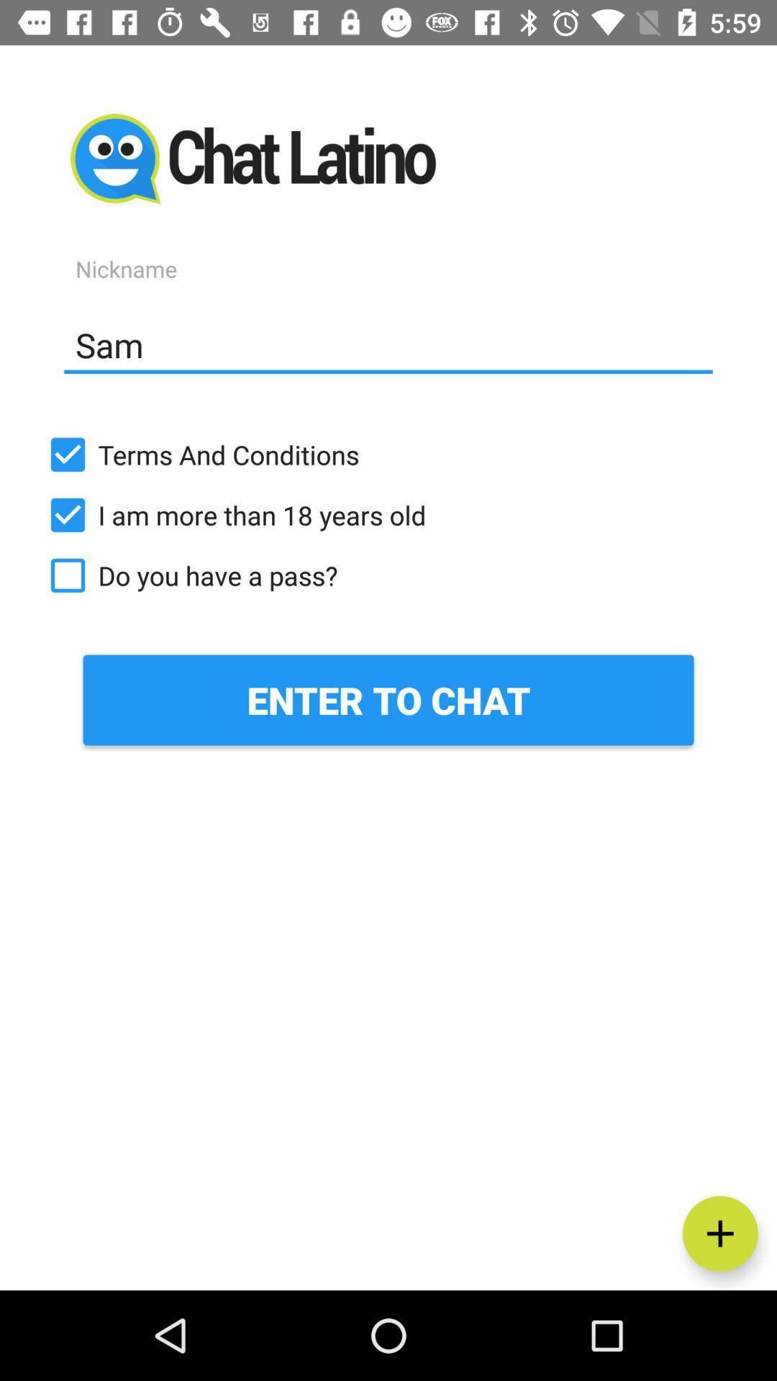 The height and width of the screenshot is (1381, 777). Describe the element at coordinates (388, 454) in the screenshot. I see `the icon below the sam` at that location.